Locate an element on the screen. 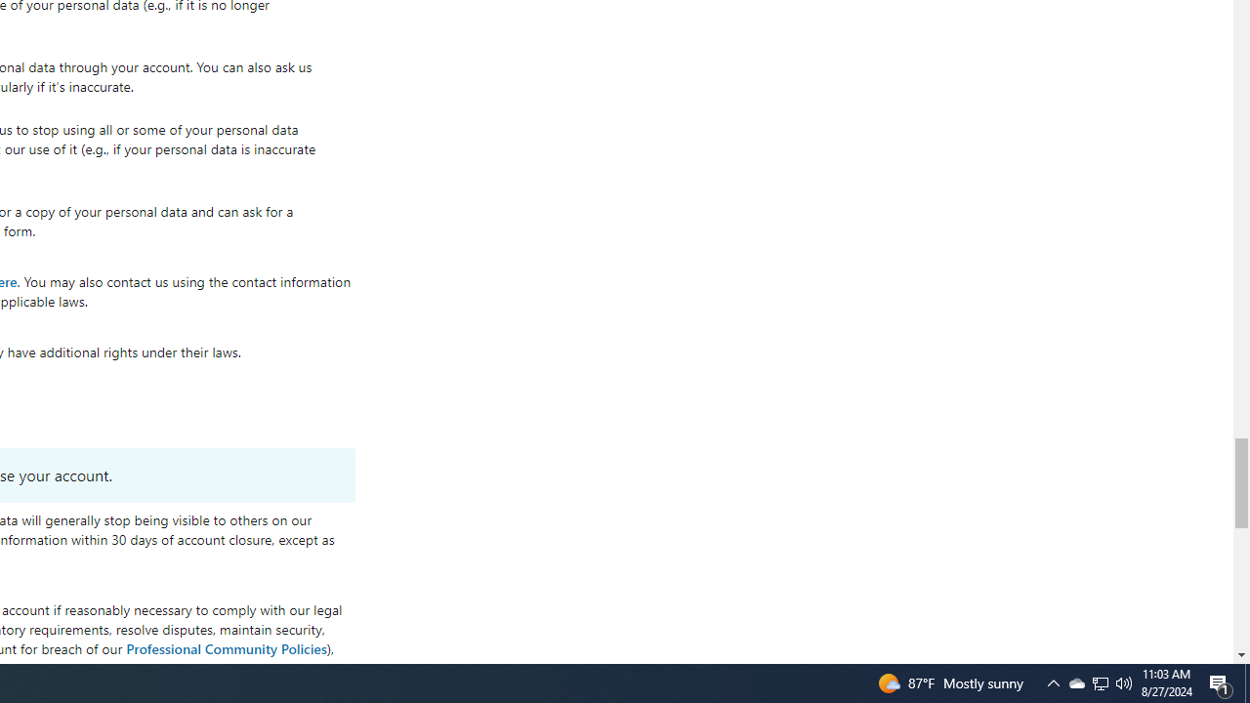 Image resolution: width=1250 pixels, height=703 pixels. 'Professional Community Policies' is located at coordinates (227, 647).